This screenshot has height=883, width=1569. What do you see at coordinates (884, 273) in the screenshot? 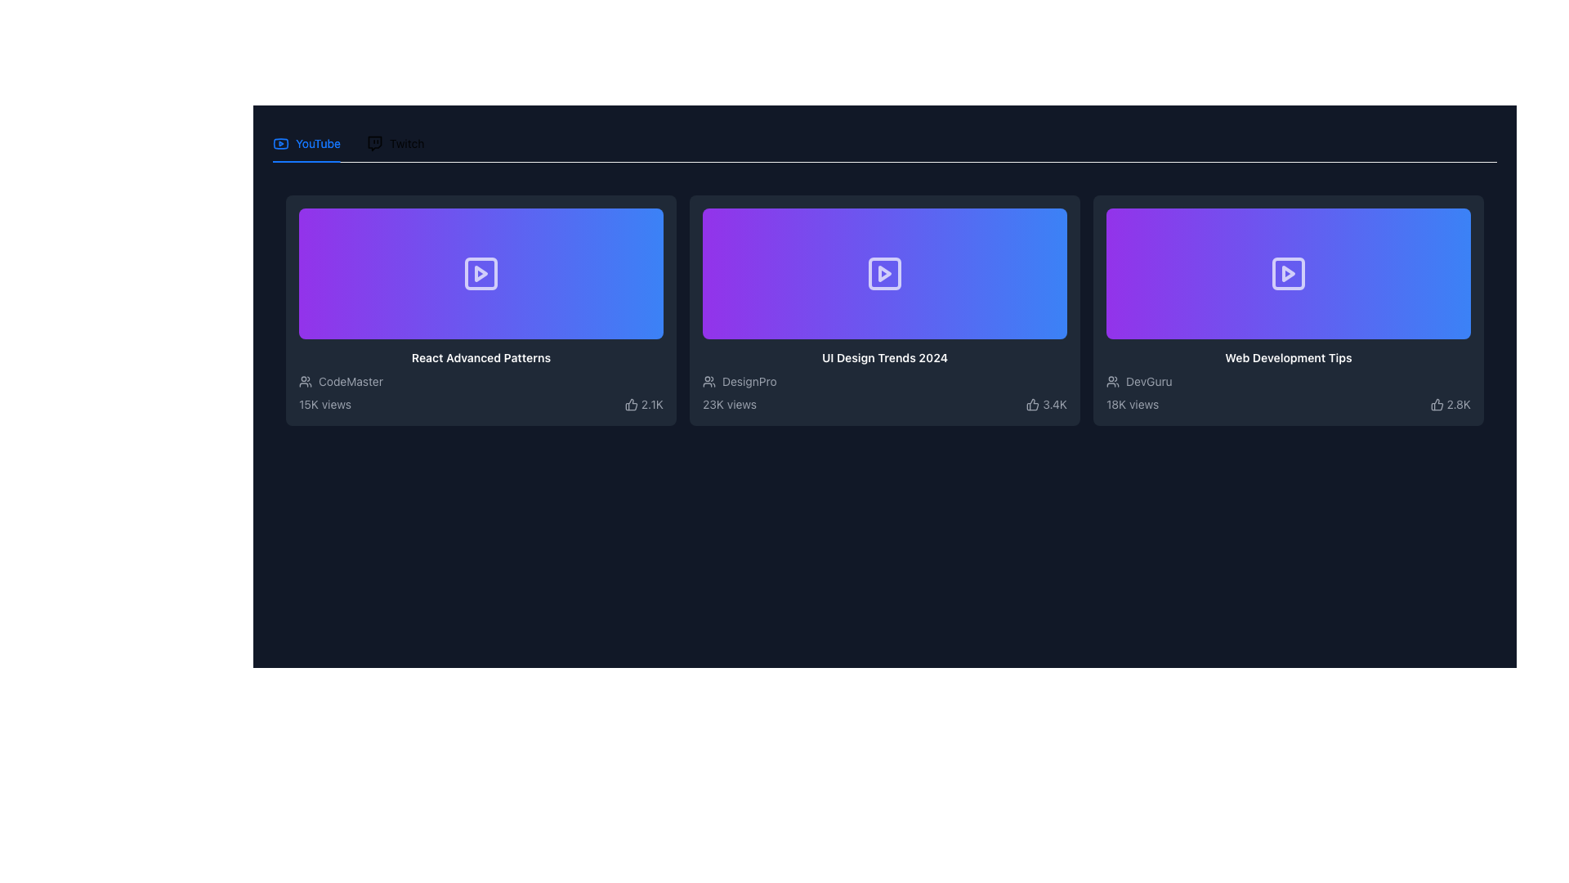
I see `the play button located in the gradient-colored header area of the middle card` at bounding box center [884, 273].